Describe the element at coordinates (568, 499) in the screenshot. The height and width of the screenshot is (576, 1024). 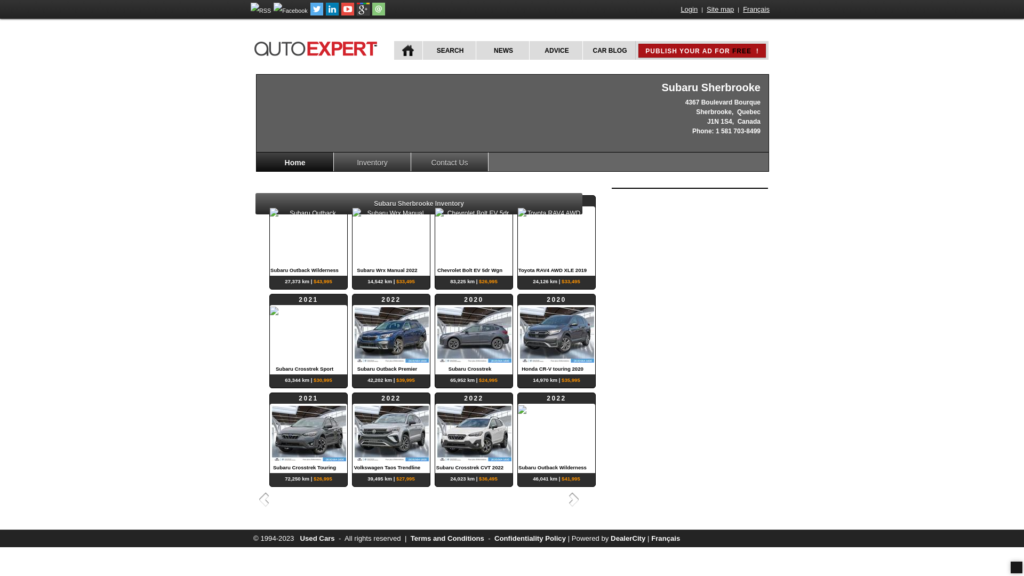
I see `'Next'` at that location.